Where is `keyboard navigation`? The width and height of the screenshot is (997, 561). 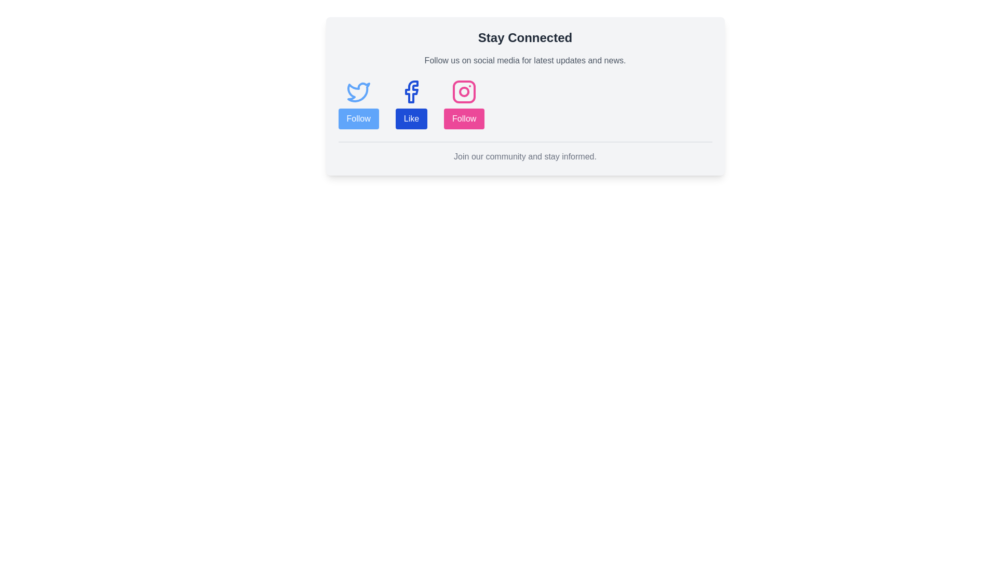
keyboard navigation is located at coordinates (464, 118).